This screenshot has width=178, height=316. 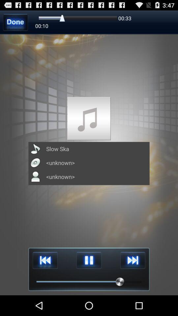 I want to click on skip to next song, so click(x=133, y=260).